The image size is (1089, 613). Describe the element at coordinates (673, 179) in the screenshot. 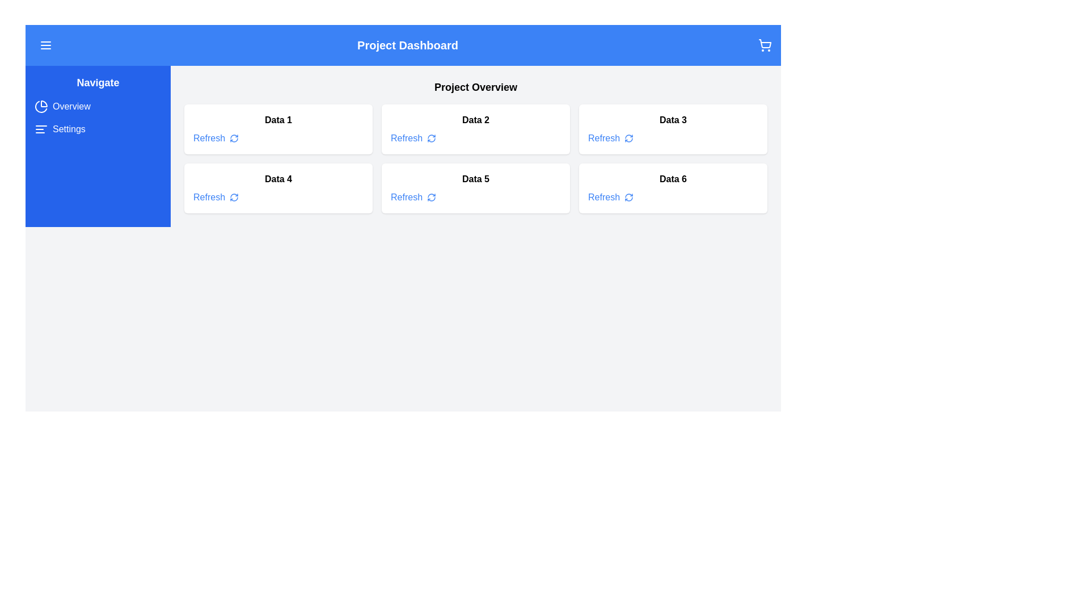

I see `the descriptive Text label located in the lower-right card of a grid, which is positioned centrally above the 'Refresh' button` at that location.